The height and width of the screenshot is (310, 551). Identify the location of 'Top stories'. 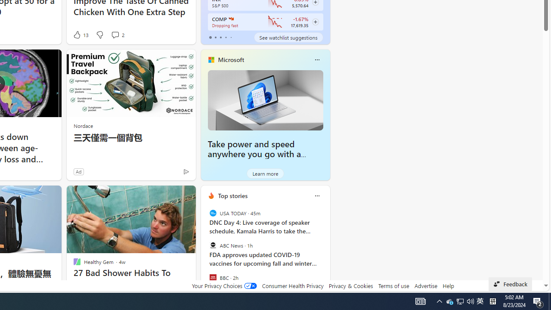
(232, 195).